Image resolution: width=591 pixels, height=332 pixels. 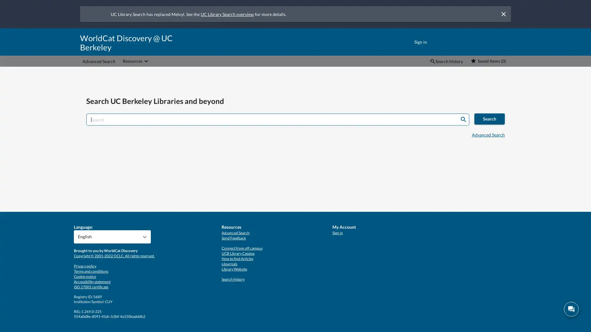 I want to click on Resources, so click(x=136, y=61).